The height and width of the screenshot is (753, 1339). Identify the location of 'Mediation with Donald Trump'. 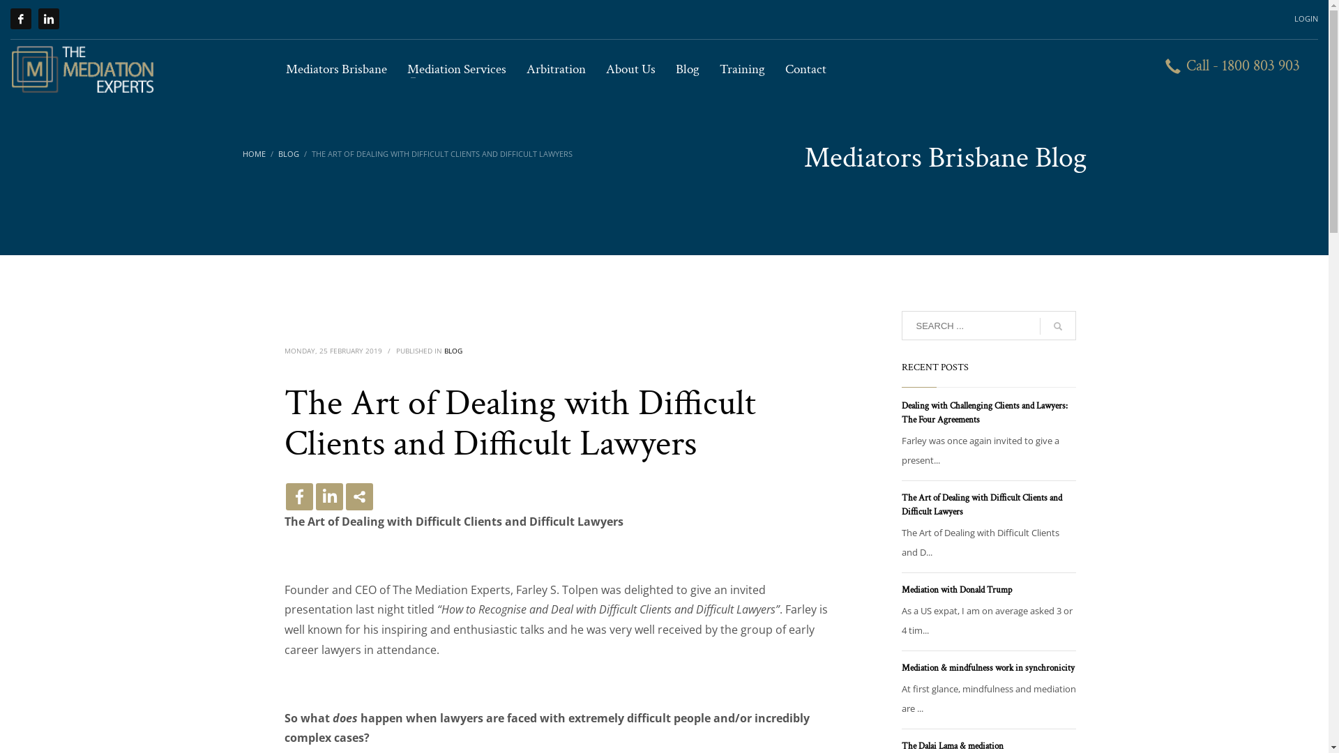
(955, 590).